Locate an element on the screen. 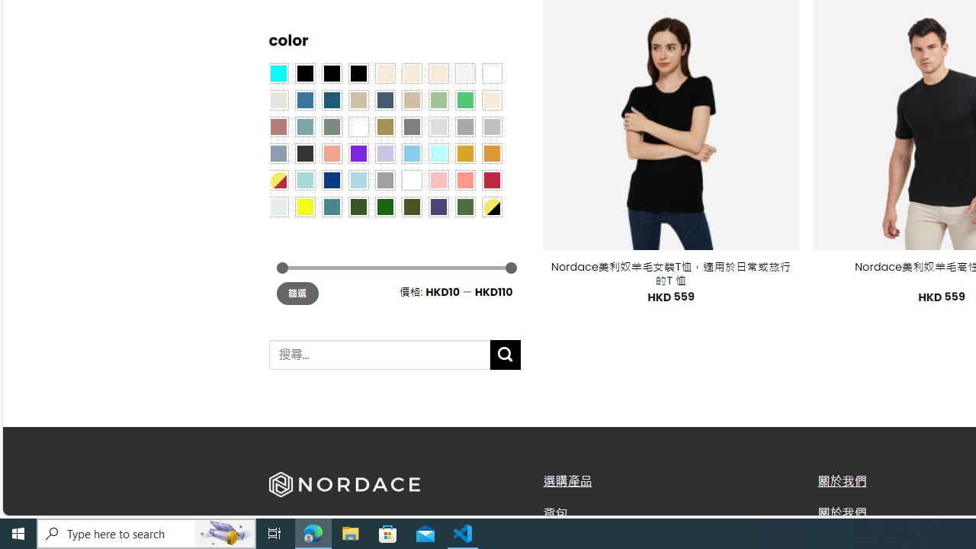 The image size is (976, 549). 'Dull Nickle' is located at coordinates (278, 206).